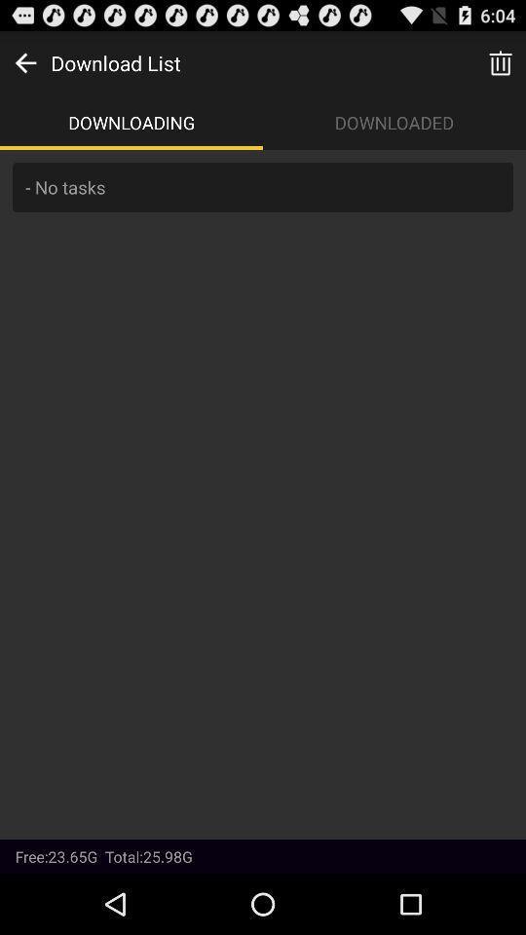 Image resolution: width=526 pixels, height=935 pixels. Describe the element at coordinates (500, 62) in the screenshot. I see `trash can` at that location.